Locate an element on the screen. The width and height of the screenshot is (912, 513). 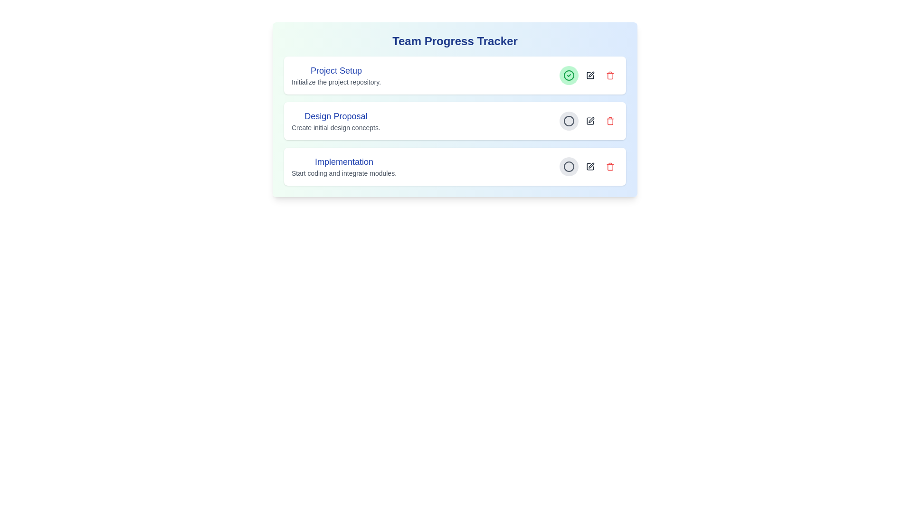
edit button for the task titled 'Project Setup' is located at coordinates (590, 75).